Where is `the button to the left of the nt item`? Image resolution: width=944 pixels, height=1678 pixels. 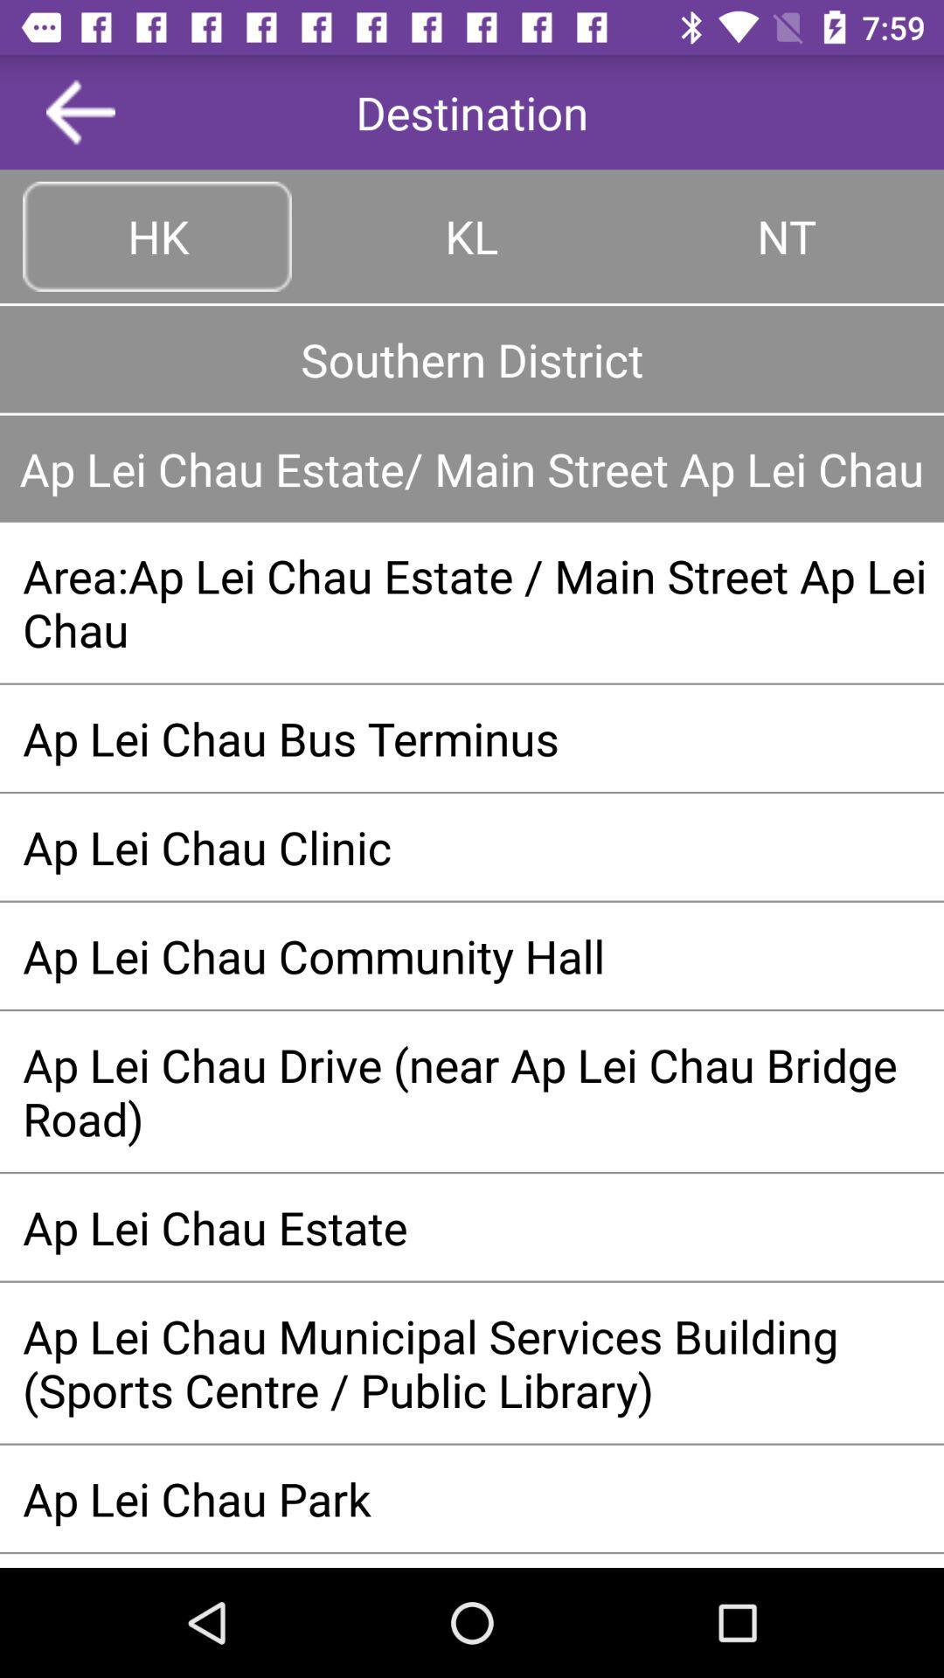
the button to the left of the nt item is located at coordinates (472, 235).